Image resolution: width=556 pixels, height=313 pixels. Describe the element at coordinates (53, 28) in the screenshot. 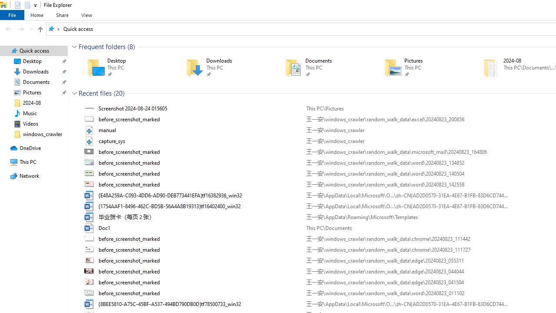

I see `'All locations'` at that location.